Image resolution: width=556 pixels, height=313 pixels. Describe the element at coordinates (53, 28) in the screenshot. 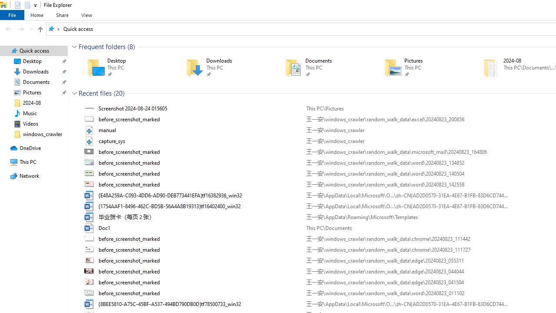

I see `'All locations'` at that location.